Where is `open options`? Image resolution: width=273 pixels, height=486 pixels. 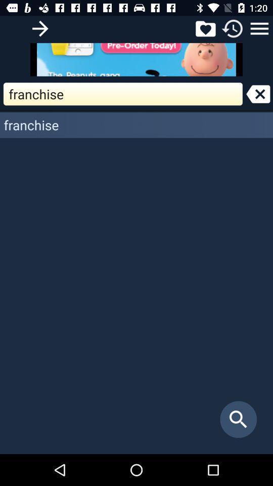 open options is located at coordinates (259, 28).